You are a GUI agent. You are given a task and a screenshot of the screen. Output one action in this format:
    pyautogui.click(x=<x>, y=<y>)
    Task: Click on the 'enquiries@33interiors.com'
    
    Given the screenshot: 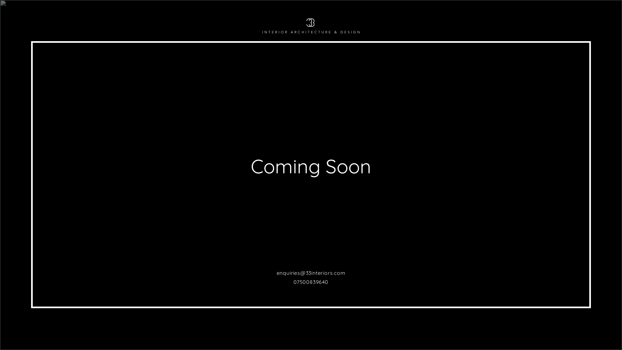 What is the action you would take?
    pyautogui.click(x=311, y=273)
    